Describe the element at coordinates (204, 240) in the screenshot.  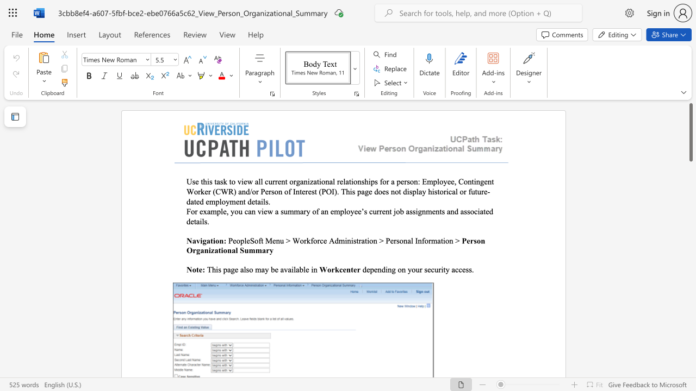
I see `the 1th character "g" in the text` at that location.